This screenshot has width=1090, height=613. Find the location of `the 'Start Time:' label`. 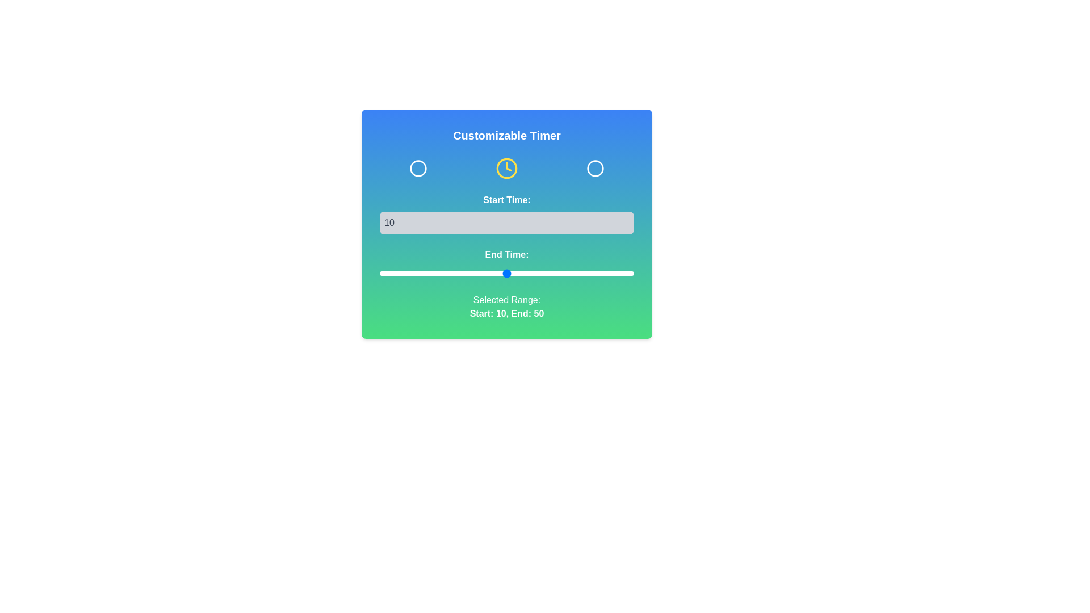

the 'Start Time:' label is located at coordinates (506, 214).